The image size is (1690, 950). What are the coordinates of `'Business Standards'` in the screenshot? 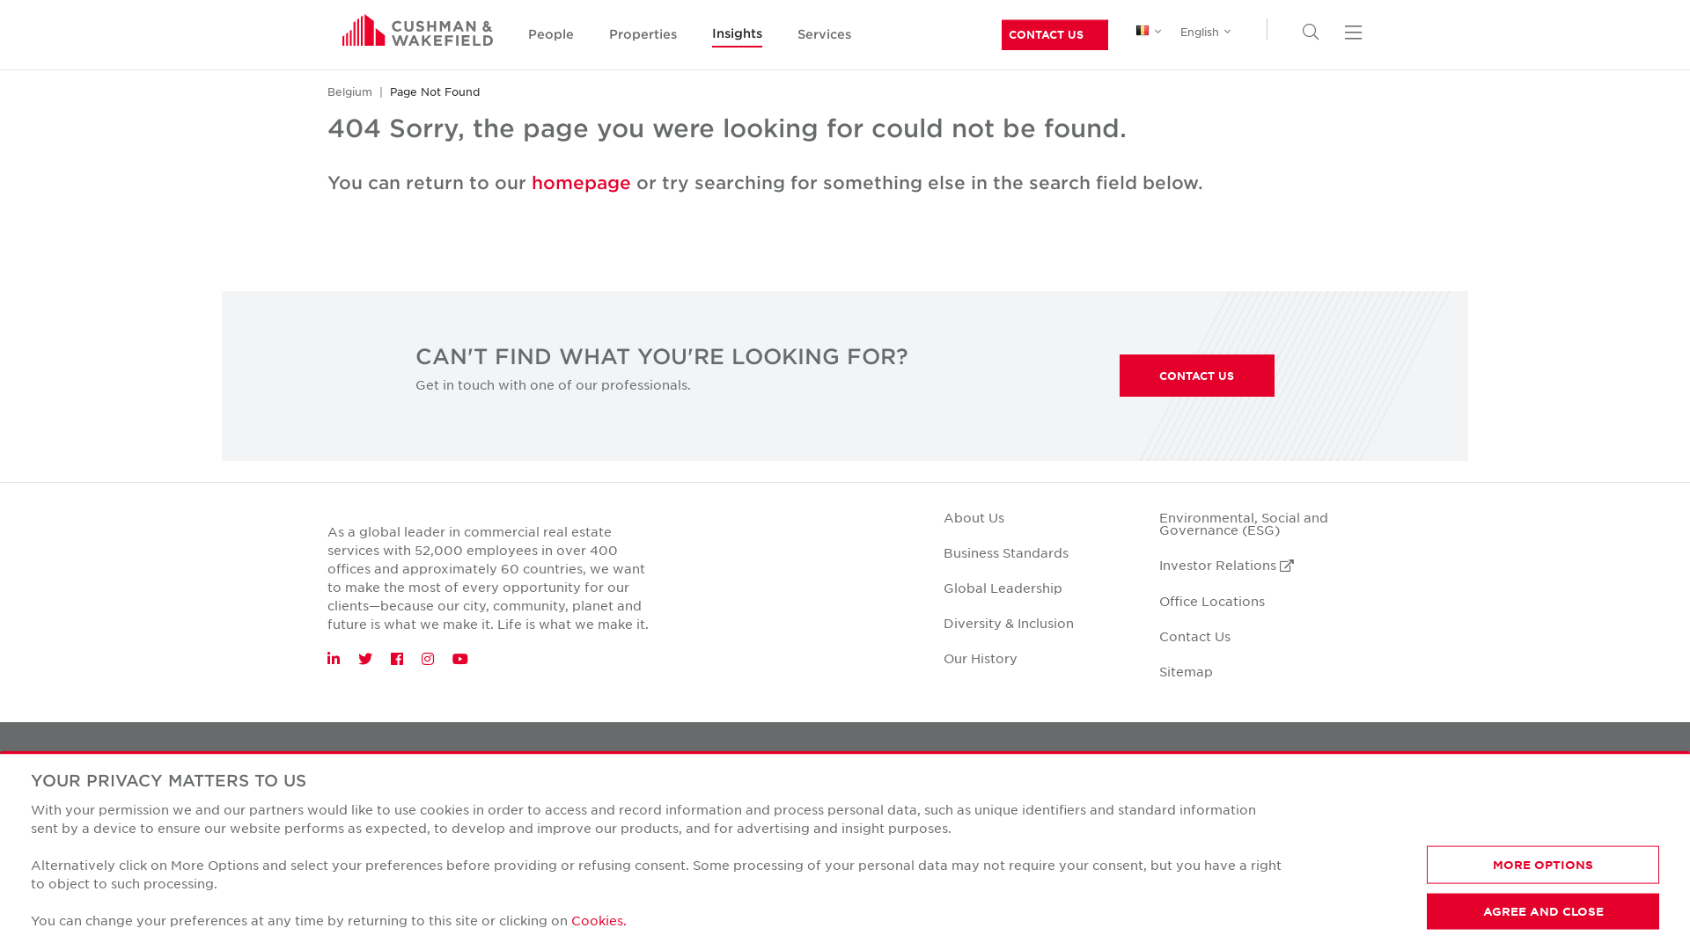 It's located at (942, 552).